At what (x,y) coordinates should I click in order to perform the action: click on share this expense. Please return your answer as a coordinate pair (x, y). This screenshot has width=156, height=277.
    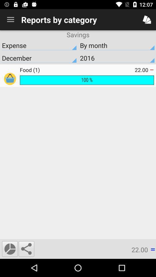
    Looking at the image, I should click on (26, 248).